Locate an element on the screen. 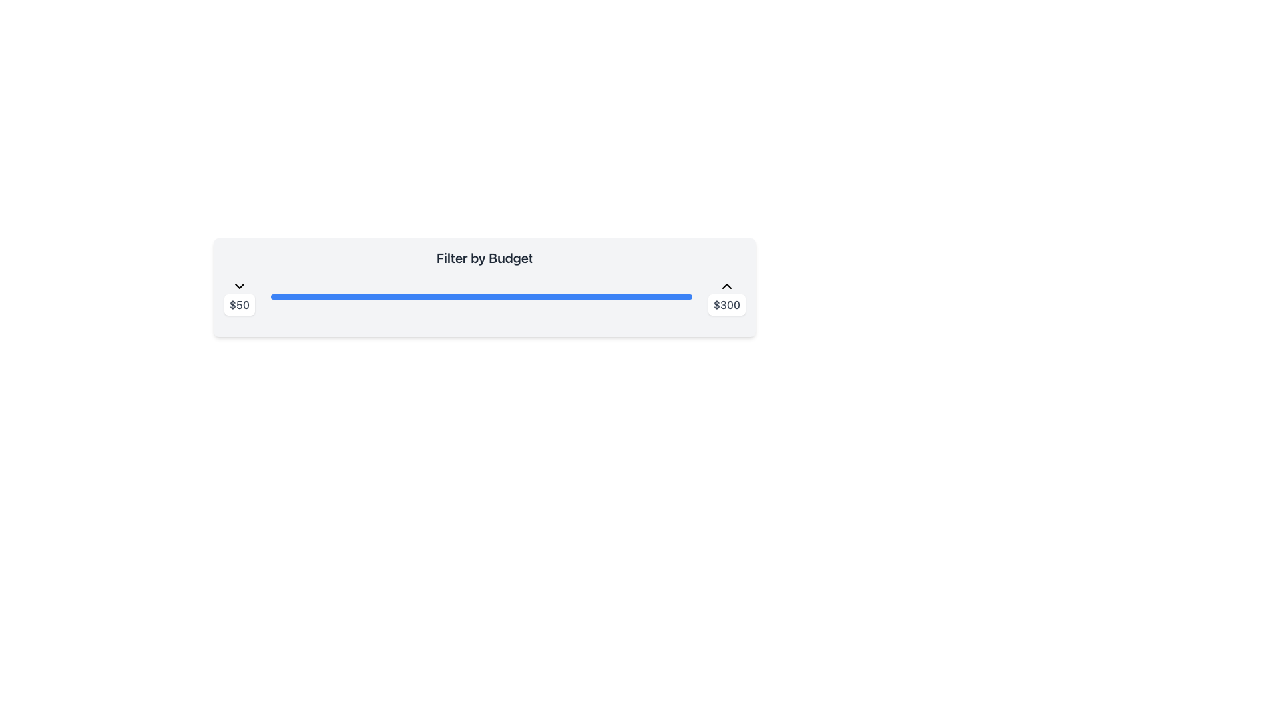  the budget filter is located at coordinates (600, 296).